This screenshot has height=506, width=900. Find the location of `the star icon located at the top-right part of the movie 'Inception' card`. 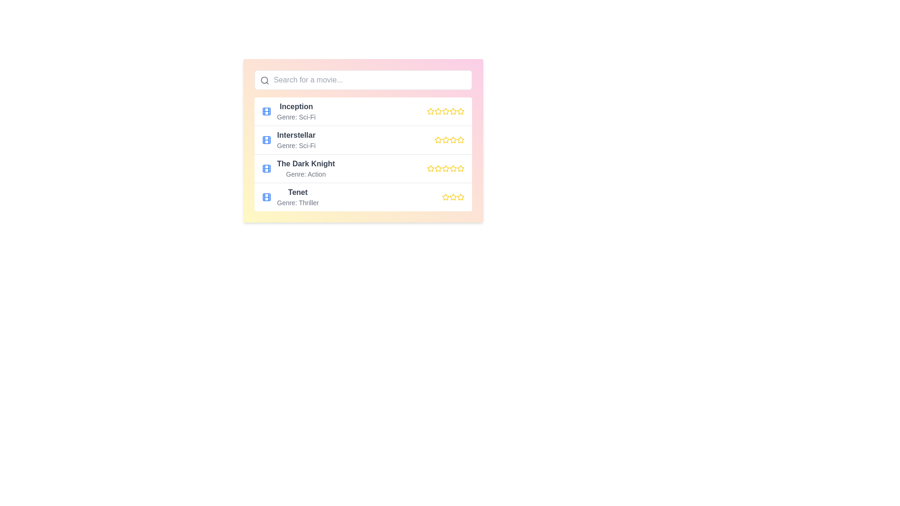

the star icon located at the top-right part of the movie 'Inception' card is located at coordinates (461, 111).